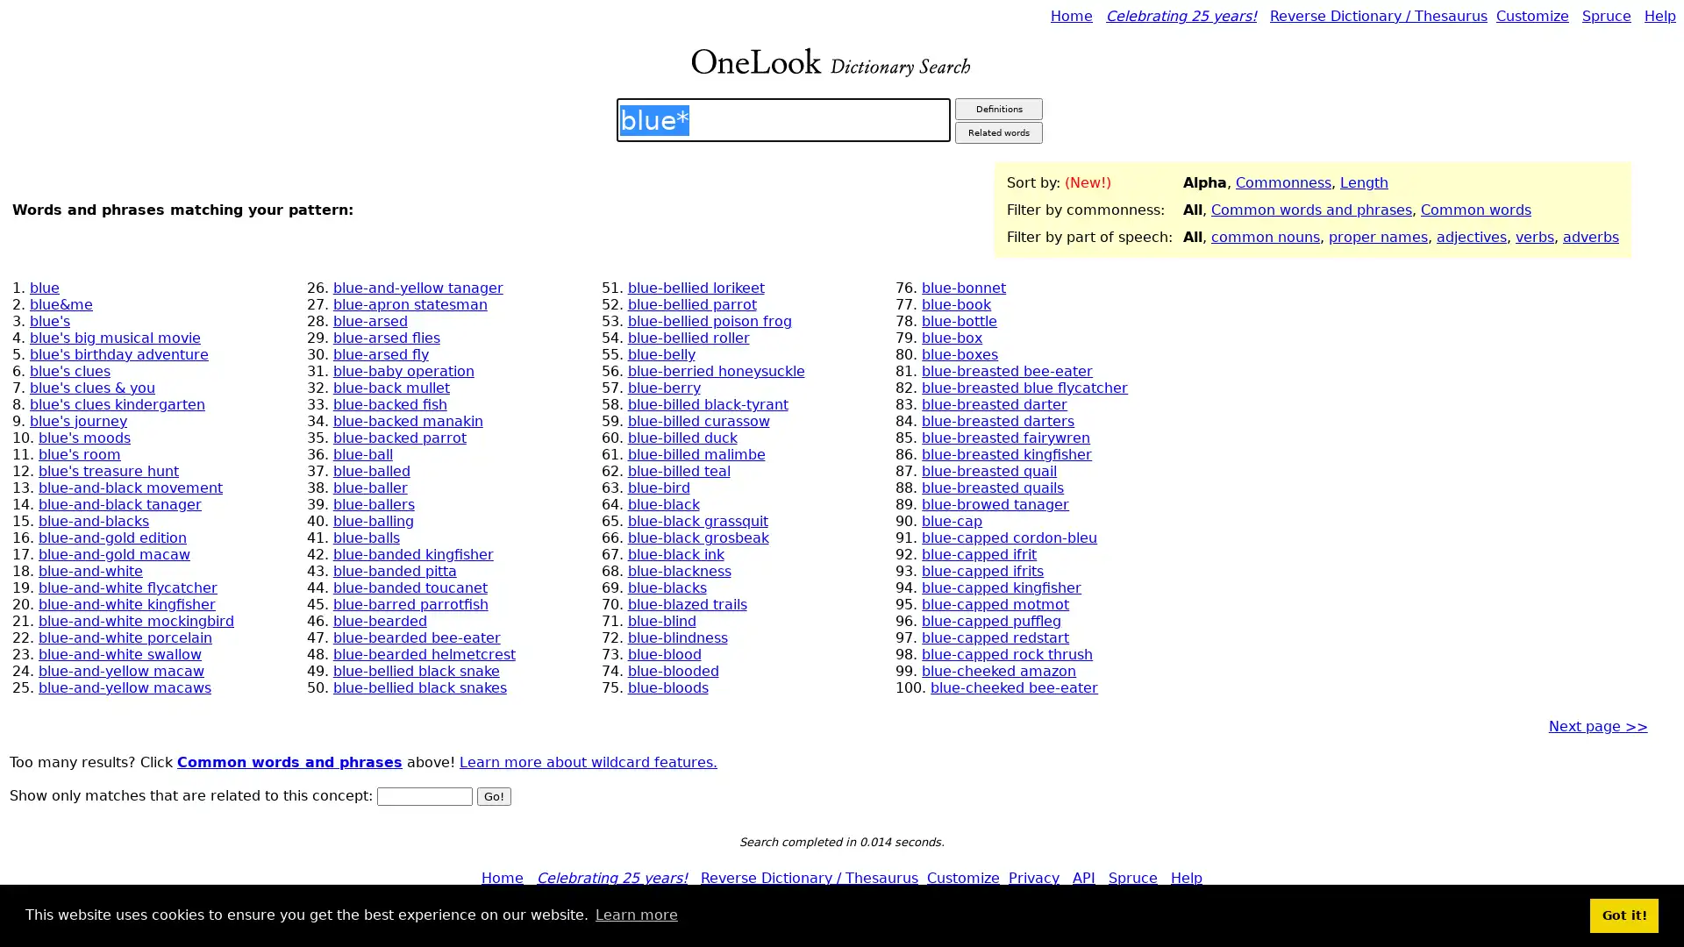 Image resolution: width=1684 pixels, height=947 pixels. I want to click on learn more about cookies, so click(635, 915).